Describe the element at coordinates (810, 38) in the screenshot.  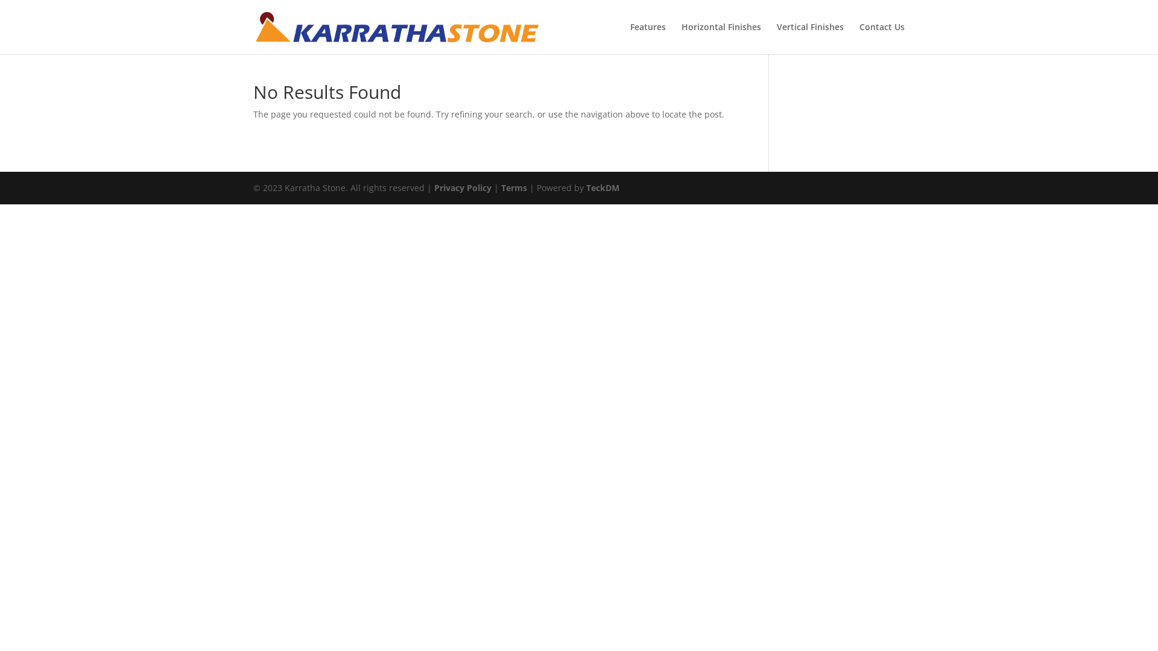
I see `'Vertical Finishes'` at that location.